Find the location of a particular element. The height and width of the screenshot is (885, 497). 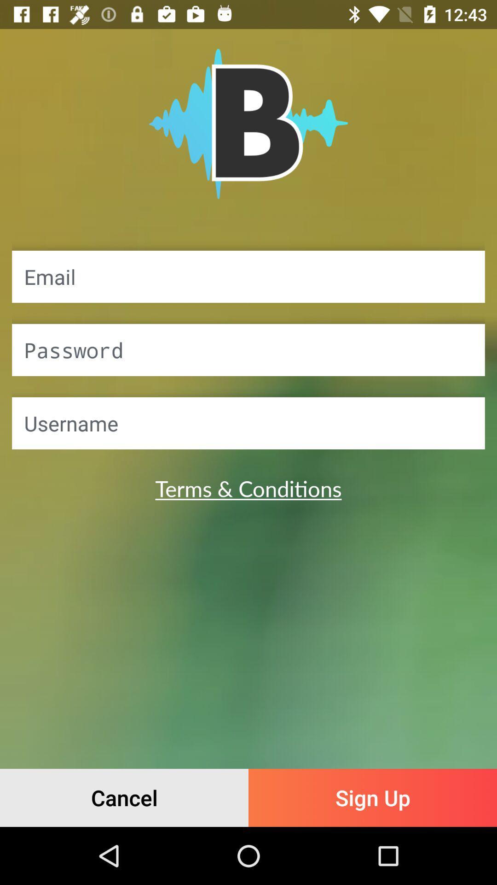

the terms & conditions is located at coordinates (248, 488).